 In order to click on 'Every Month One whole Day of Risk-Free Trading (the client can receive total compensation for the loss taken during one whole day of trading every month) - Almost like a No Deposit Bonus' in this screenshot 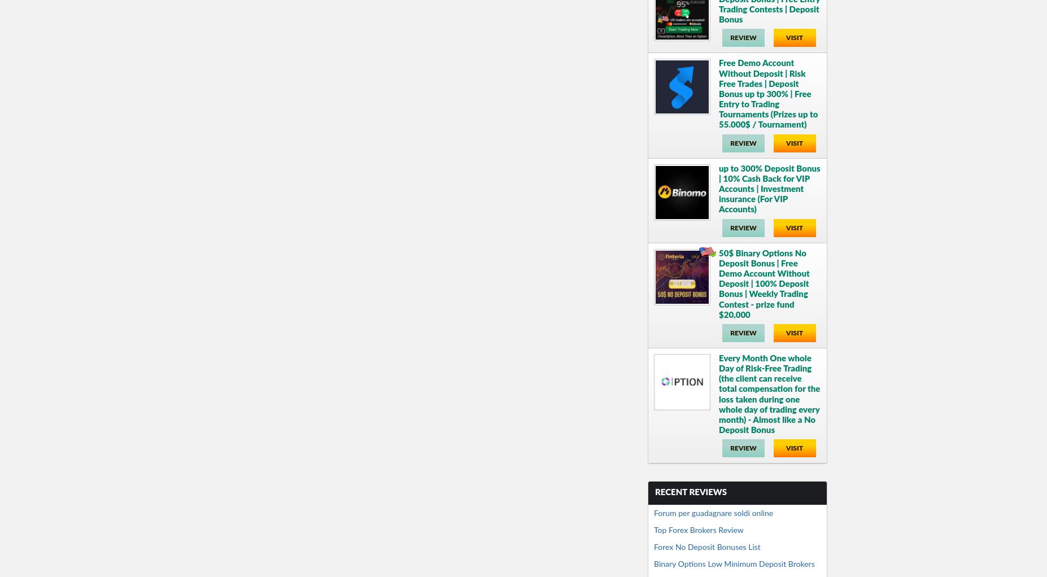, I will do `click(769, 394)`.